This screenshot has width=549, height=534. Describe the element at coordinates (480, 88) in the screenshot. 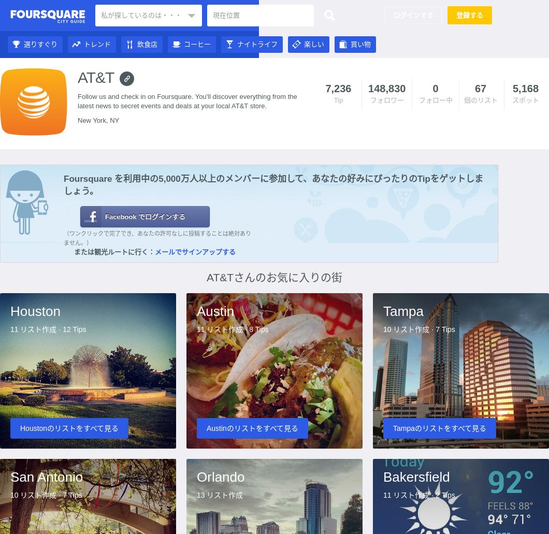

I see `'67'` at that location.